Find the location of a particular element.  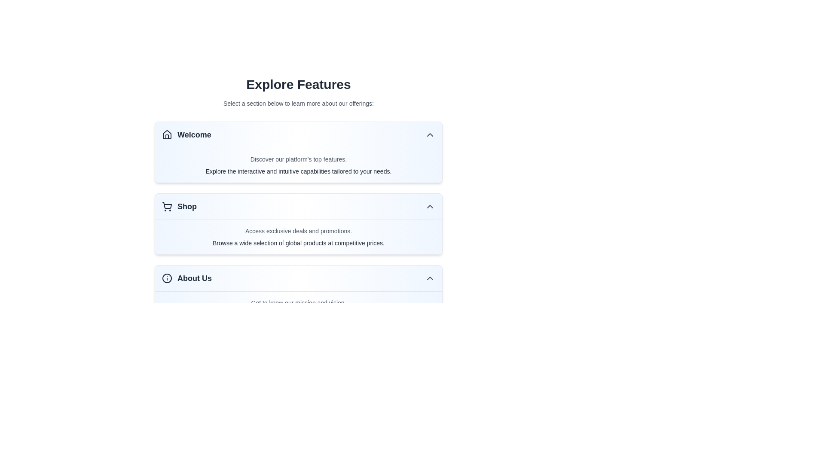

the text block in the 'Shop' section that informs users about exclusive deals and globally sourced products, positioned directly below the title 'Shop' is located at coordinates (299, 237).